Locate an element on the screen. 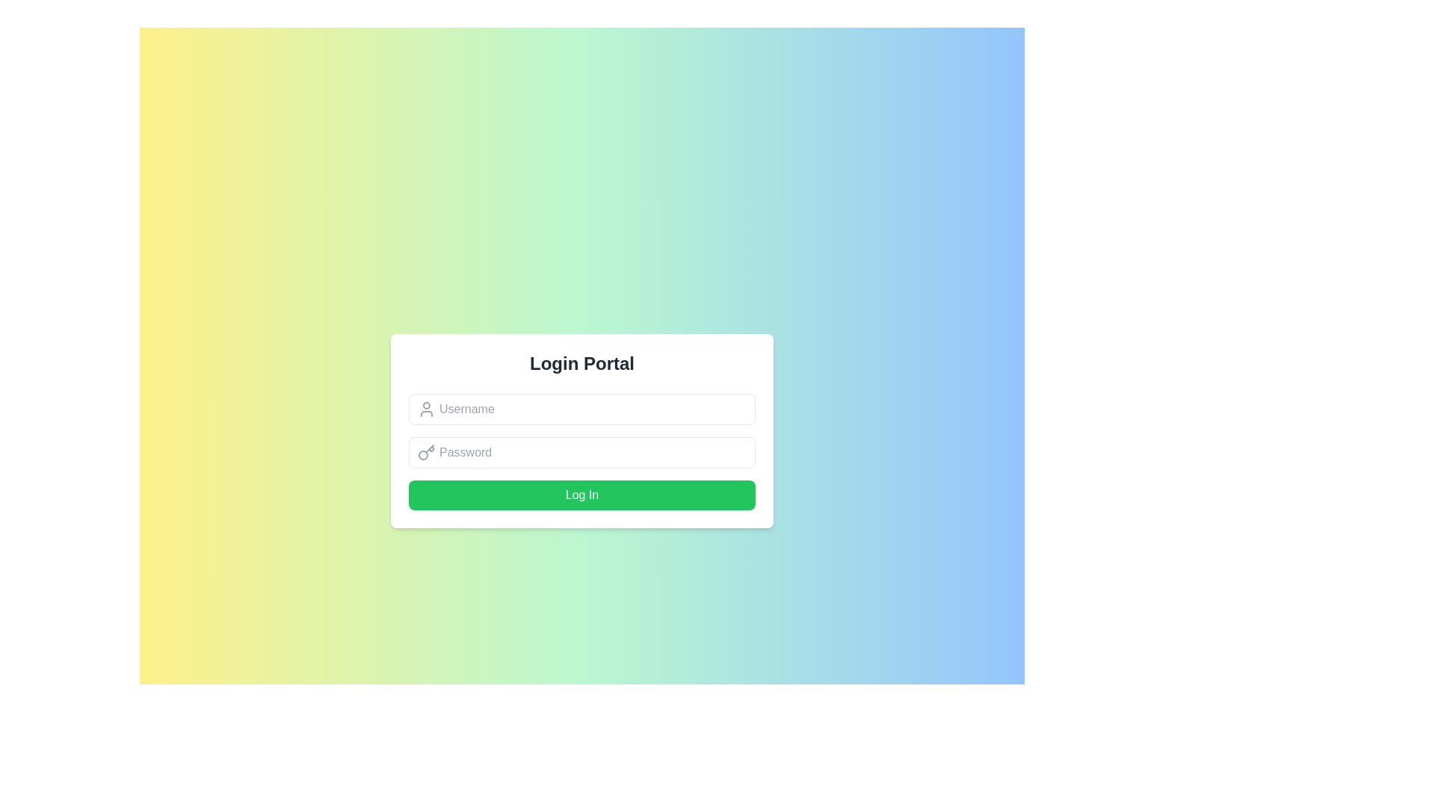 The image size is (1435, 807). the key icon located on the left side of the password input field in the login form is located at coordinates (426, 451).